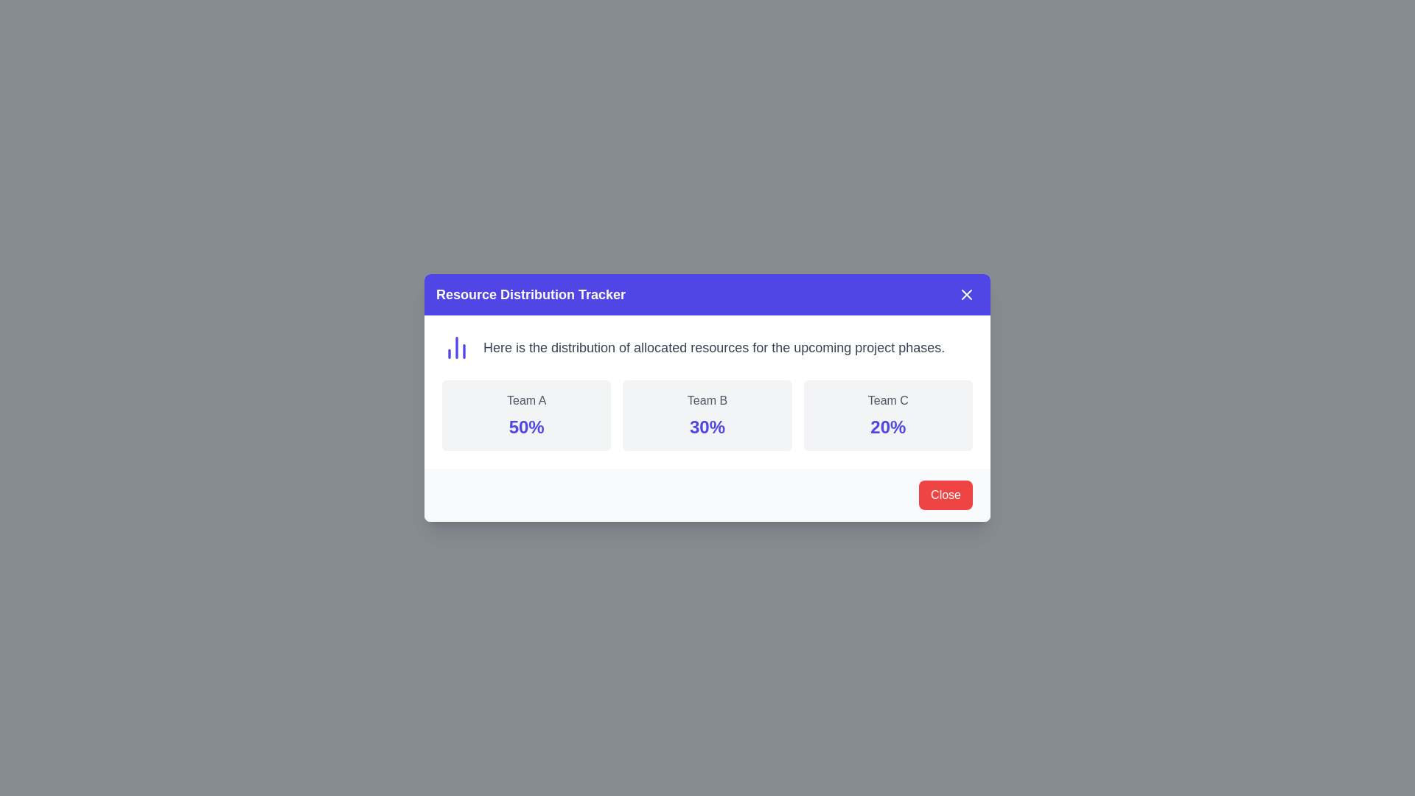 This screenshot has width=1415, height=796. What do you see at coordinates (966, 295) in the screenshot?
I see `the close icon button located in the top-right corner of the modal dialog header` at bounding box center [966, 295].